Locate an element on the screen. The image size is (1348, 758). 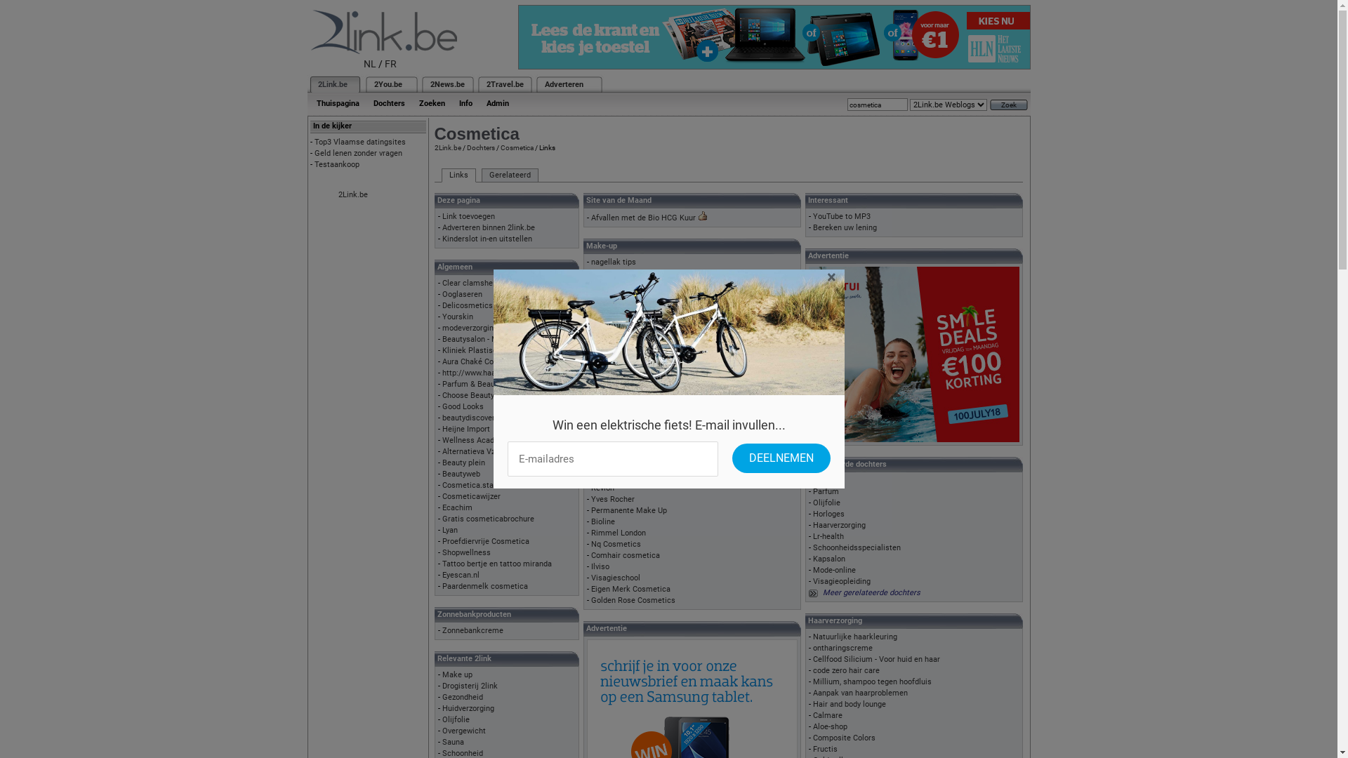
'Gerelateerd' is located at coordinates (509, 175).